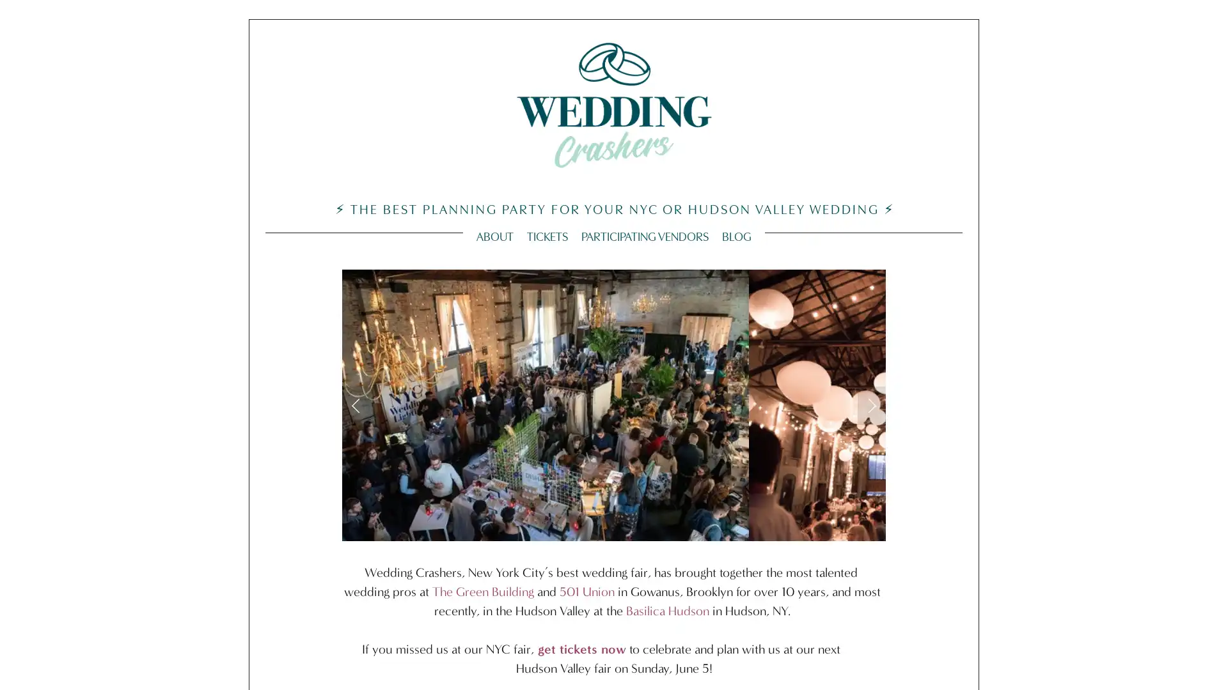 This screenshot has height=690, width=1228. I want to click on Next Slide, so click(871, 404).